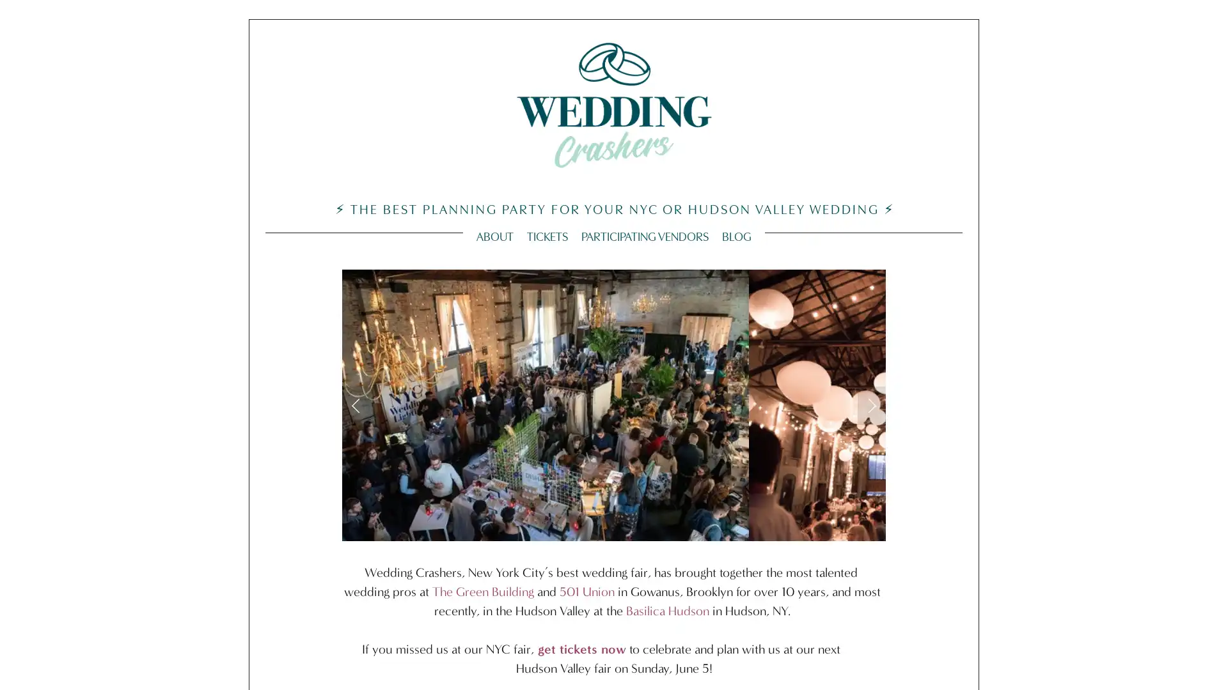 This screenshot has height=690, width=1228. I want to click on Next Slide, so click(871, 404).